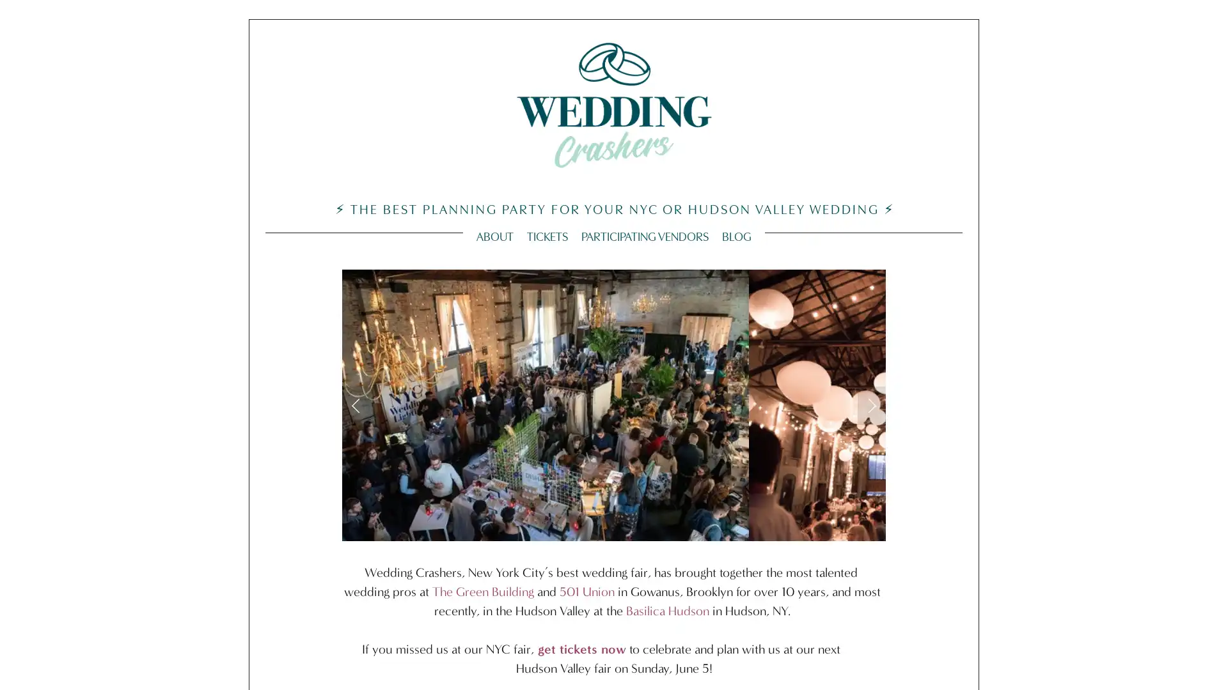 This screenshot has height=690, width=1228. I want to click on Next Slide, so click(871, 404).